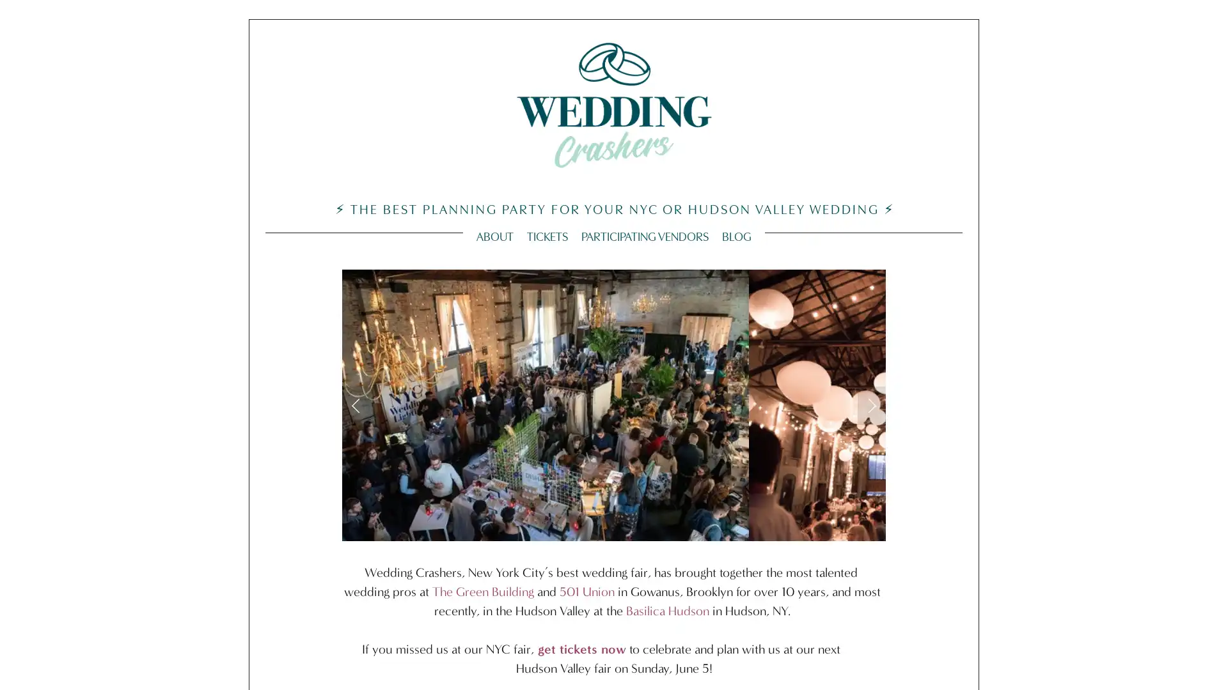 This screenshot has height=690, width=1228. I want to click on Next Slide, so click(871, 404).